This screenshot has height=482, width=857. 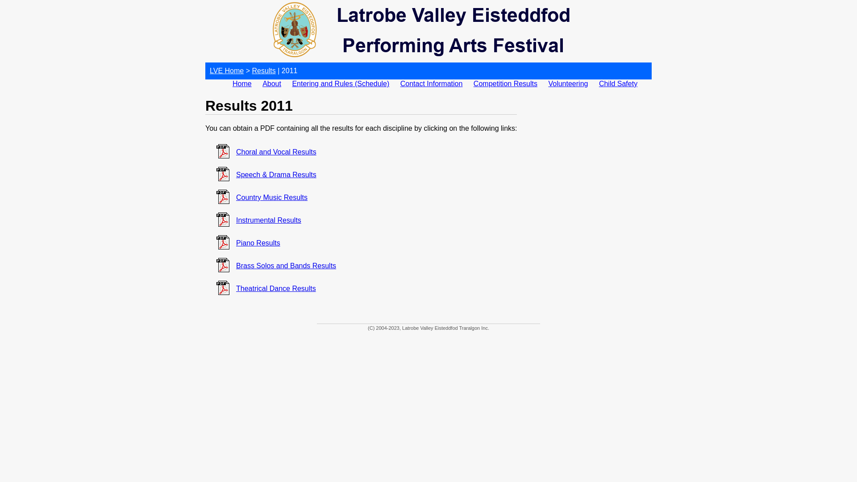 What do you see at coordinates (340, 83) in the screenshot?
I see `'Entering and Rules (Schedule)'` at bounding box center [340, 83].